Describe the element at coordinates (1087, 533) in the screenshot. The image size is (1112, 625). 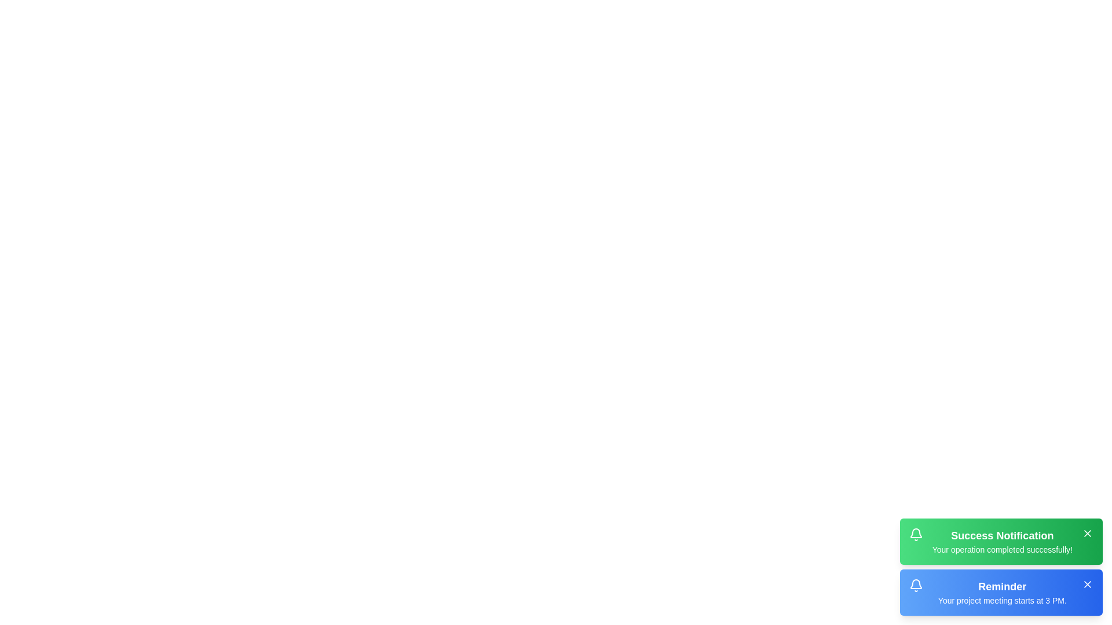
I see `close button for the notification titled 'Success Notification'` at that location.